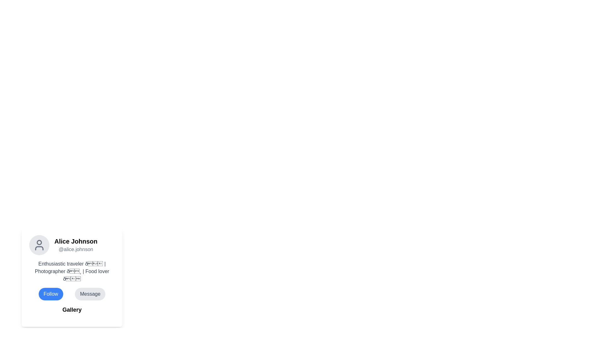 The width and height of the screenshot is (604, 339). Describe the element at coordinates (39, 245) in the screenshot. I see `the circular user icon with a gray background and user silhouette illustration located in the top-left portion of the user profile card` at that location.